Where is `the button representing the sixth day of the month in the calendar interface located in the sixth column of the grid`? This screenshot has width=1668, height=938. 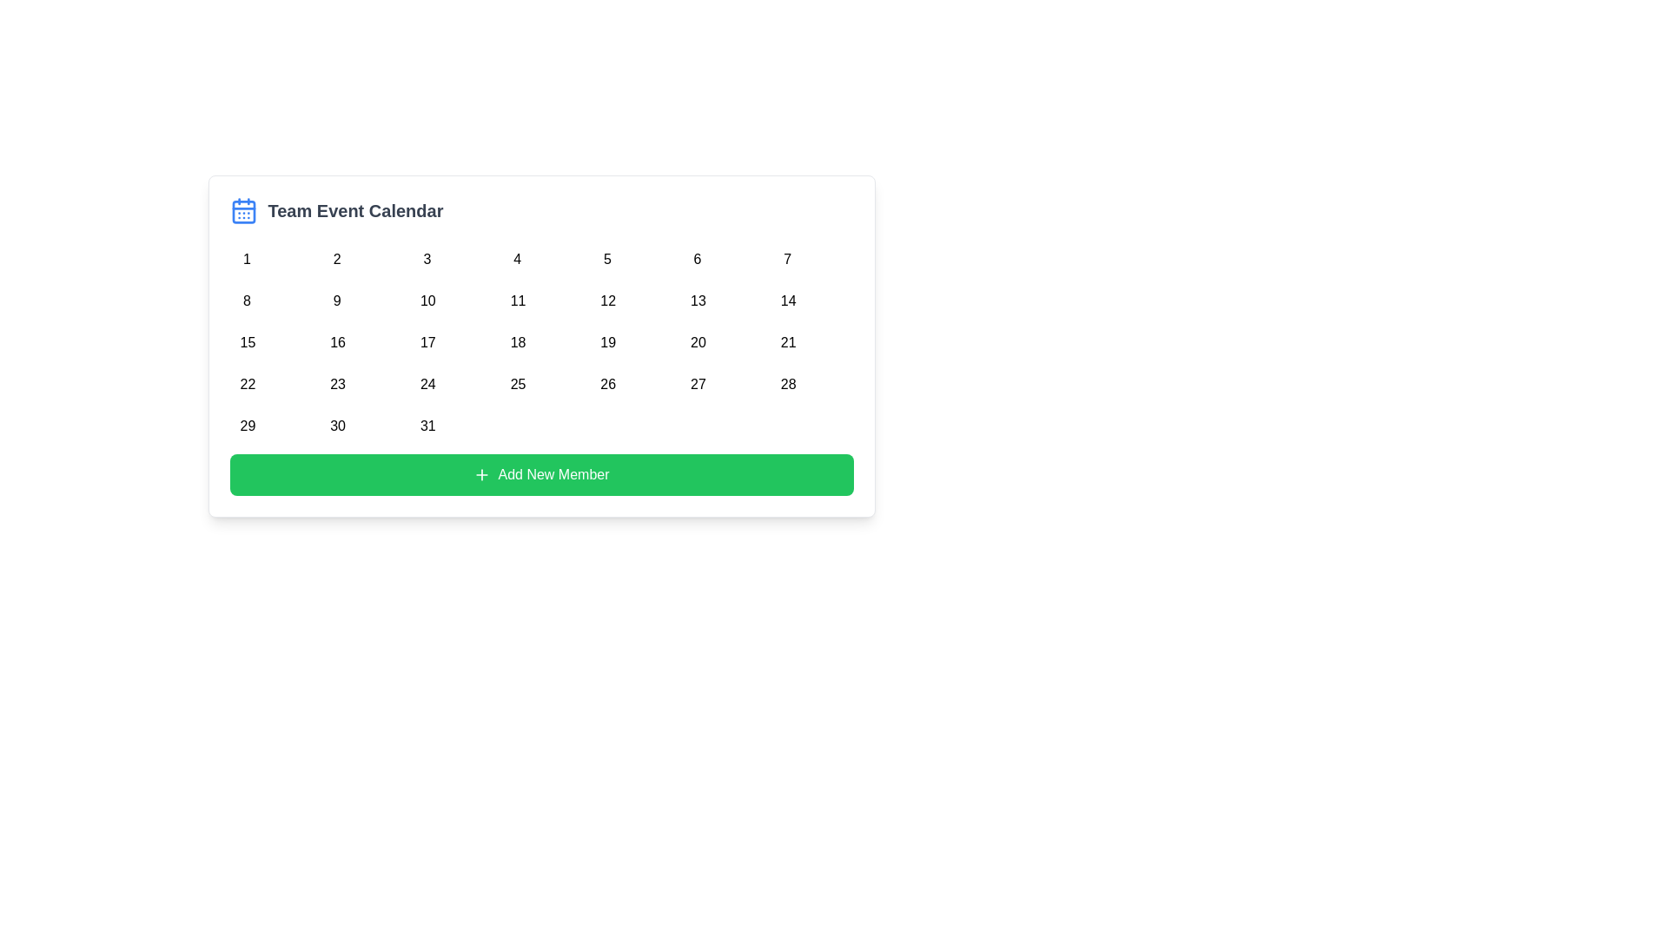 the button representing the sixth day of the month in the calendar interface located in the sixth column of the grid is located at coordinates (698, 255).